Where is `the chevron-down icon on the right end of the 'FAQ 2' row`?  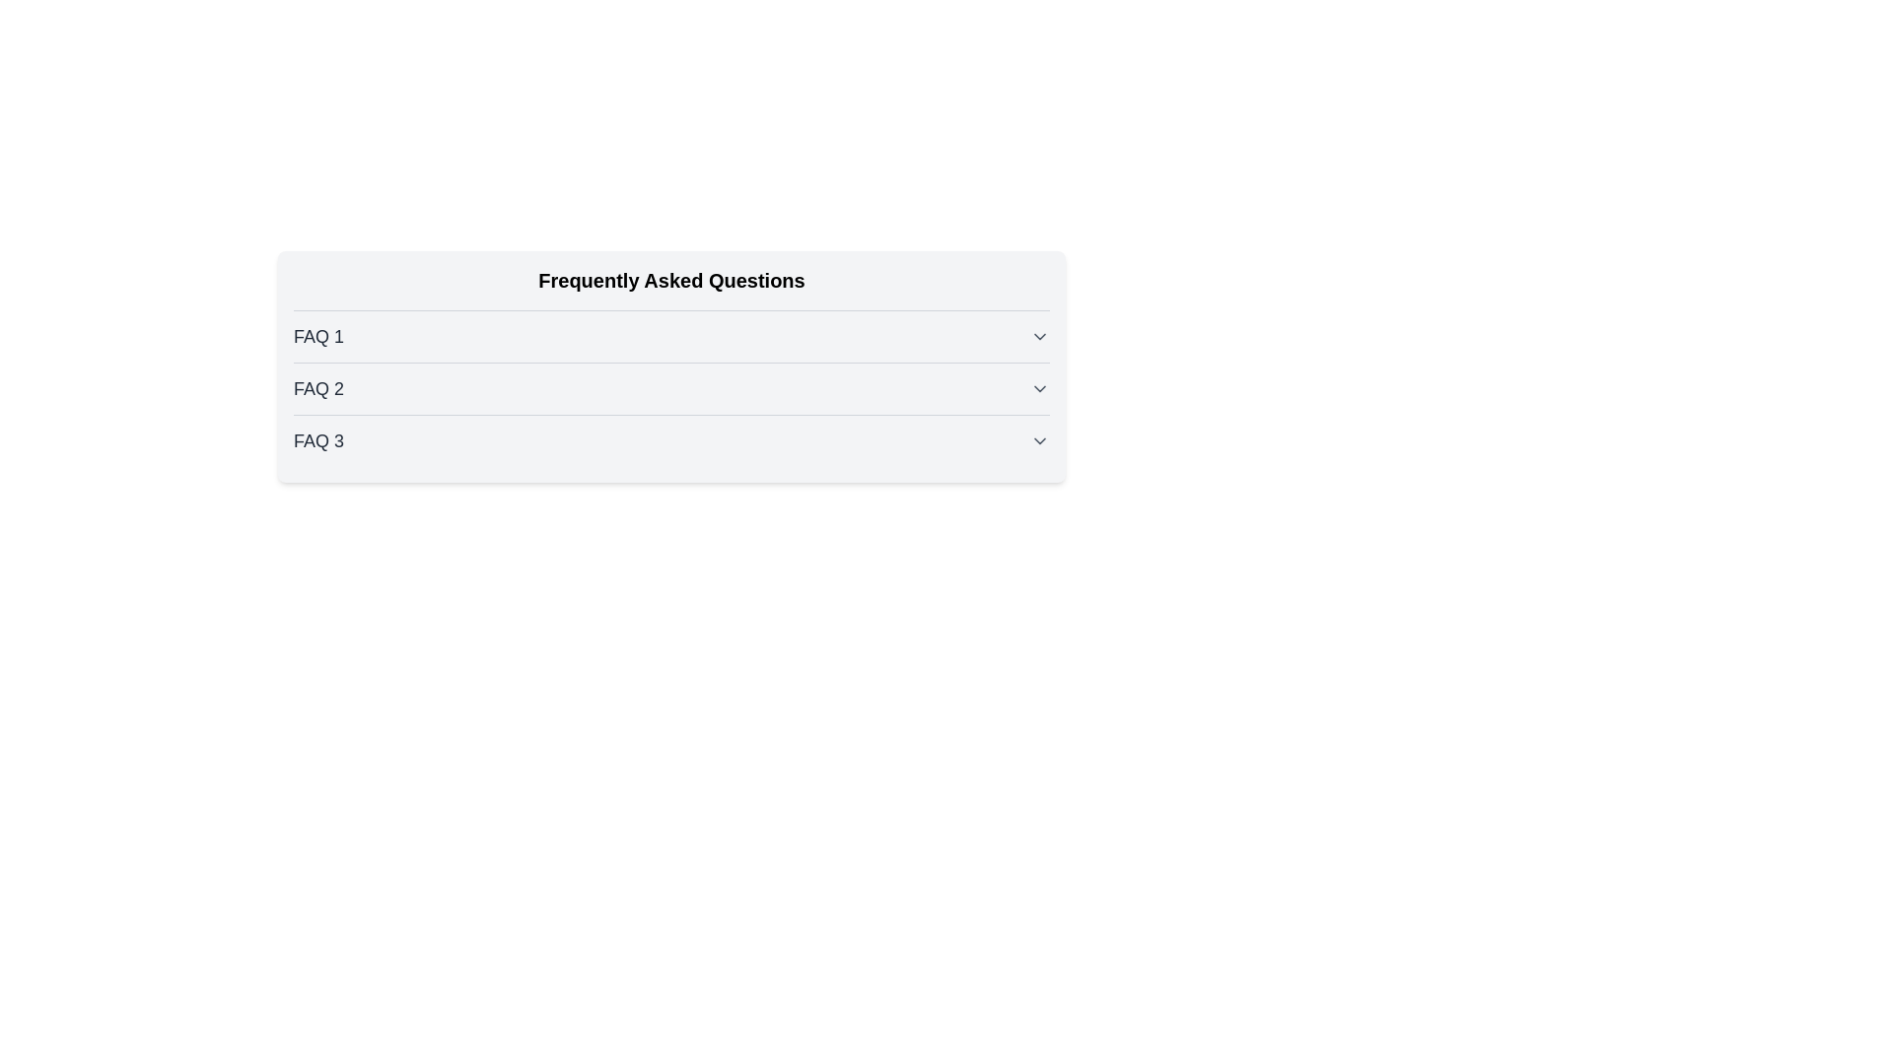 the chevron-down icon on the right end of the 'FAQ 2' row is located at coordinates (1039, 388).